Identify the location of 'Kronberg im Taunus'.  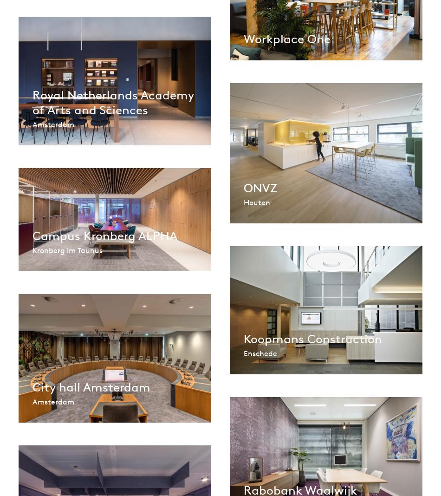
(67, 249).